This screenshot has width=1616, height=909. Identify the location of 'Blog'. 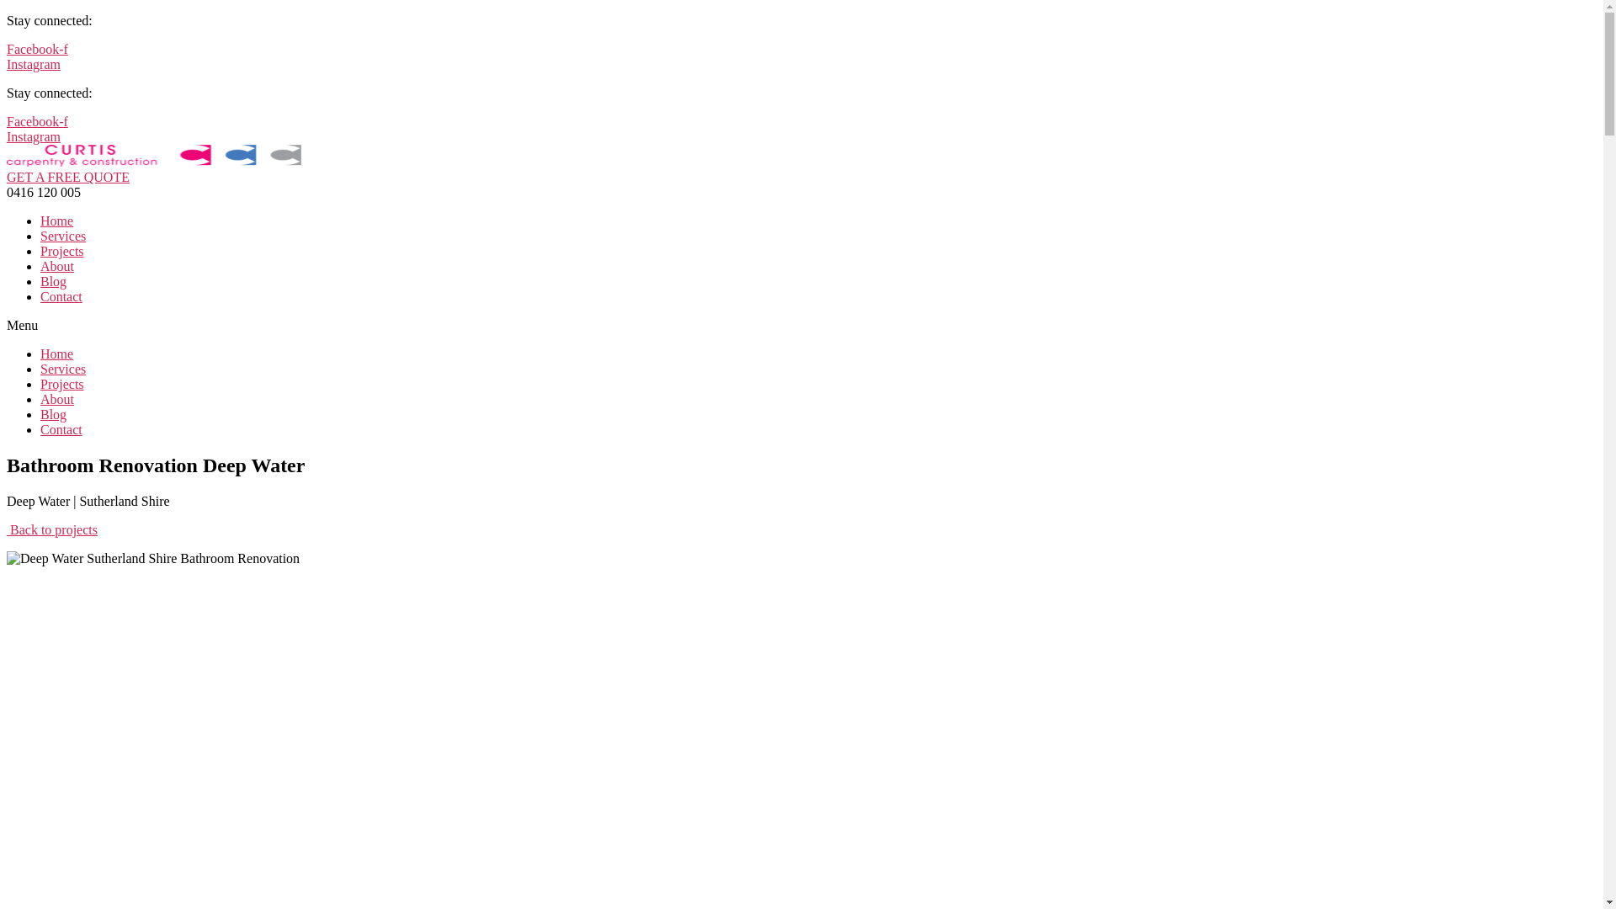
(53, 280).